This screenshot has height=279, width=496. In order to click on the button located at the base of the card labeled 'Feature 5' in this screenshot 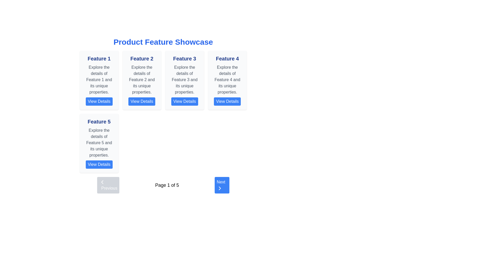, I will do `click(99, 164)`.